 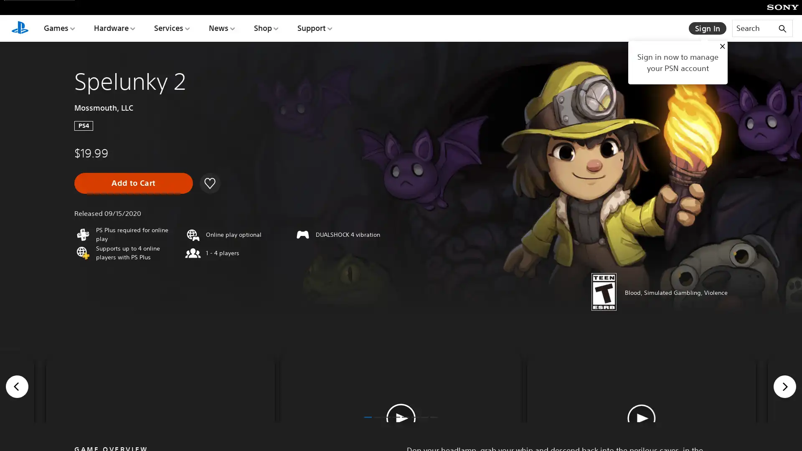 I want to click on Add to Cart, so click(x=134, y=182).